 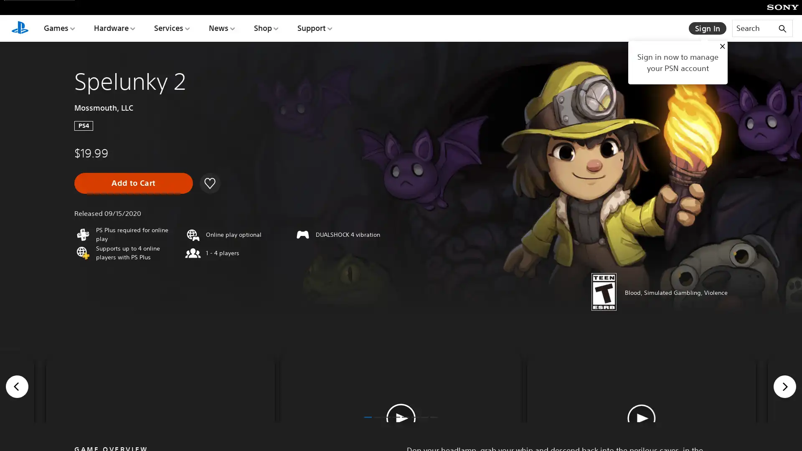 I want to click on Add to Cart, so click(x=134, y=182).